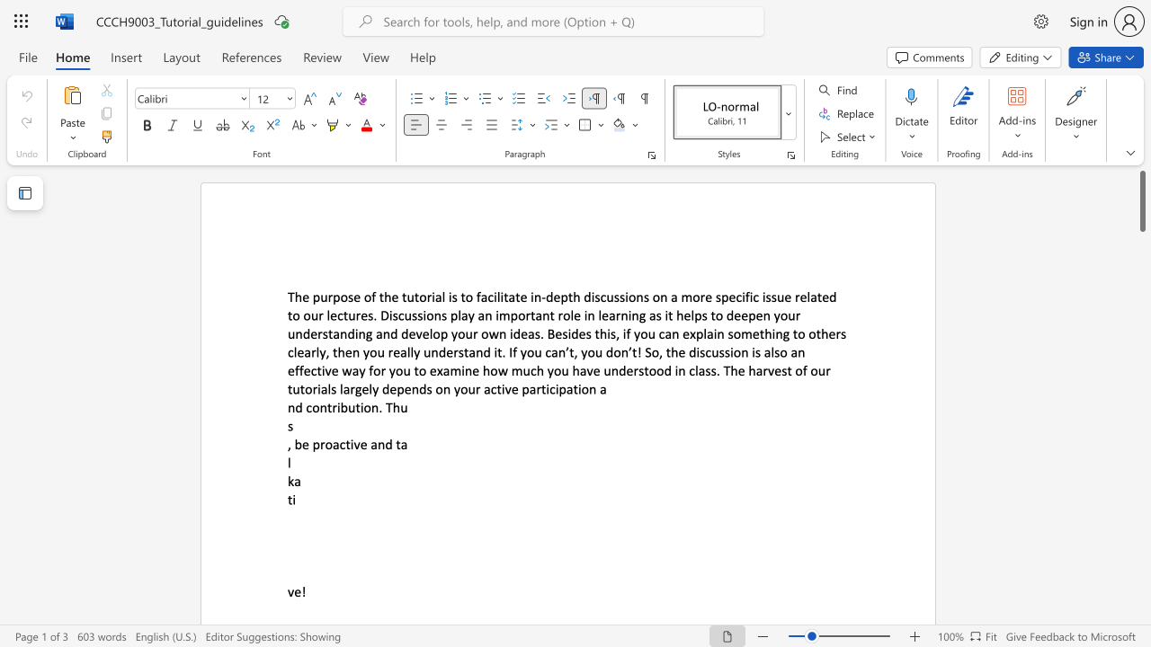 The image size is (1151, 647). Describe the element at coordinates (1141, 528) in the screenshot. I see `the scrollbar to adjust the page downward` at that location.